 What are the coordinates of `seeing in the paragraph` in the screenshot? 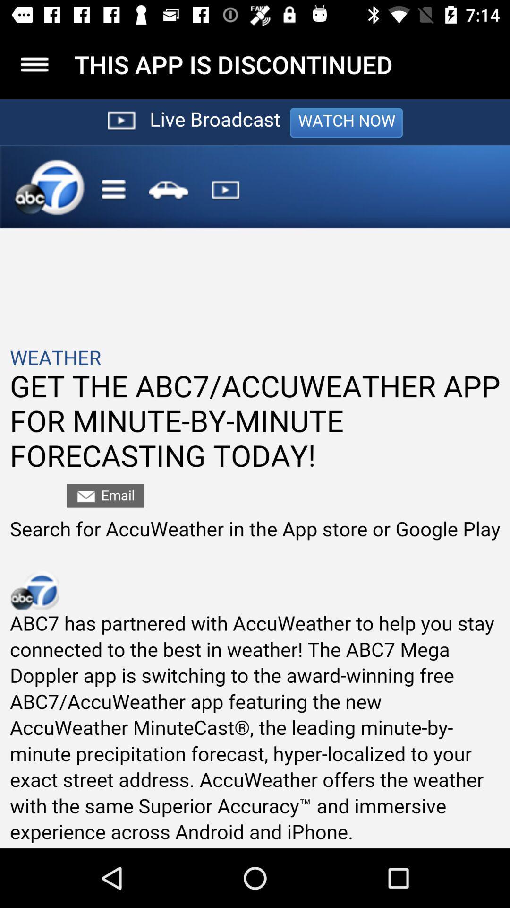 It's located at (255, 474).